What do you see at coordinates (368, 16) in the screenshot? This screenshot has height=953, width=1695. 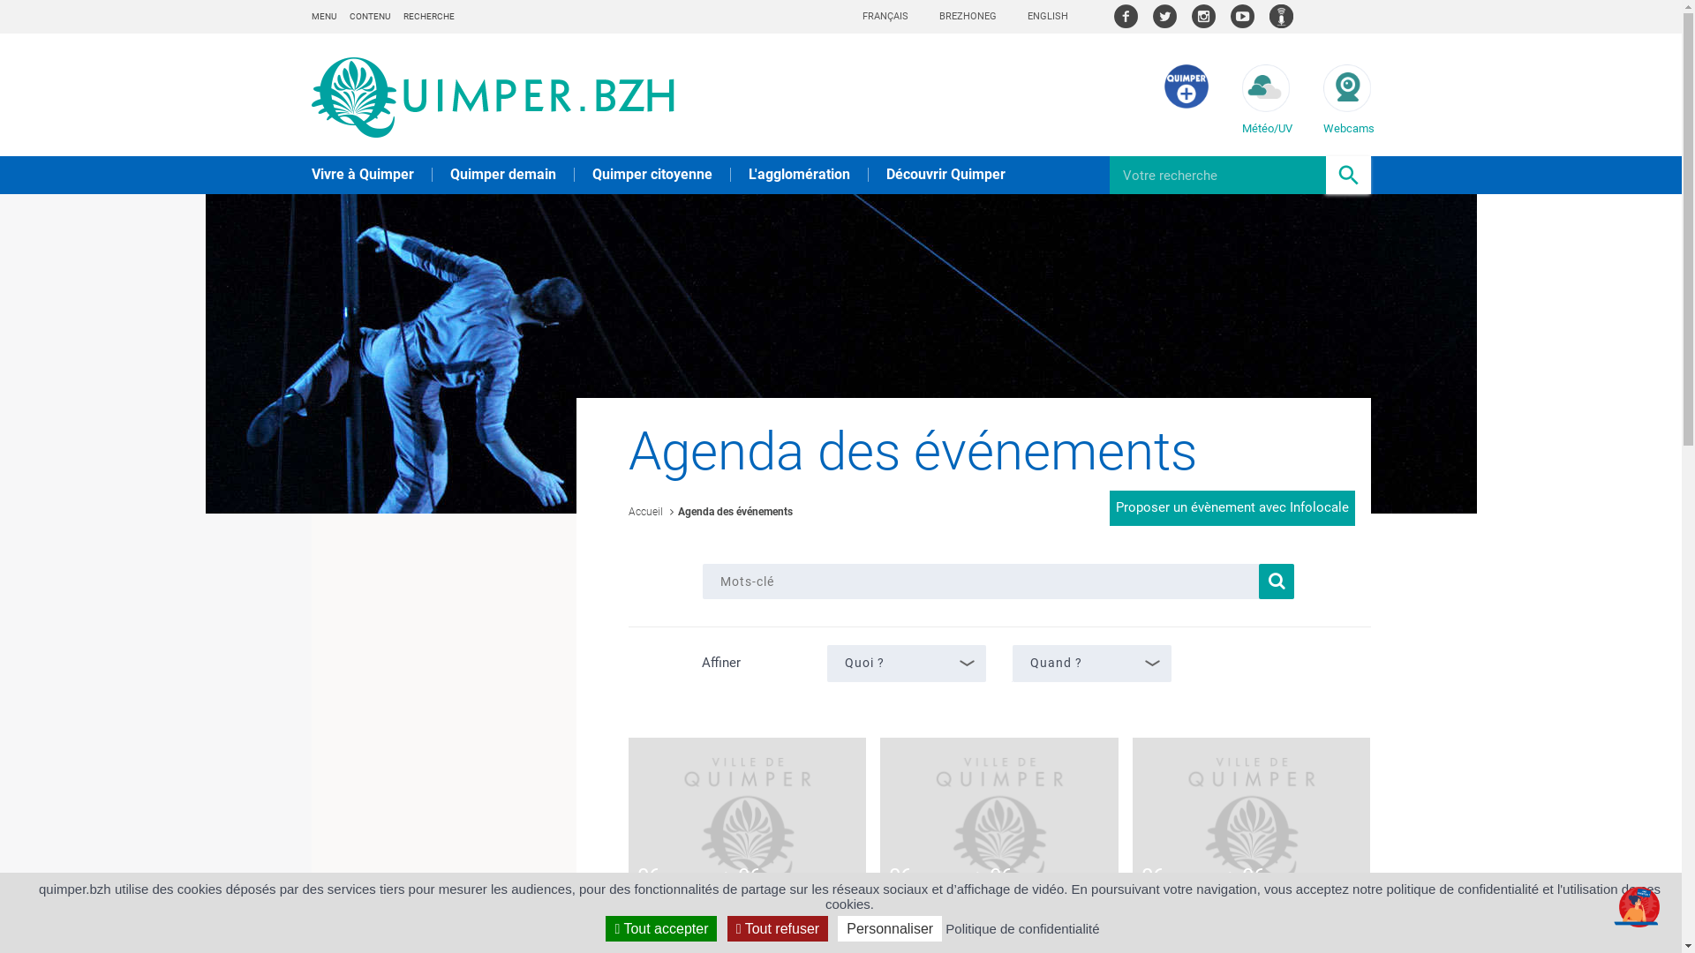 I see `'CONTENU'` at bounding box center [368, 16].